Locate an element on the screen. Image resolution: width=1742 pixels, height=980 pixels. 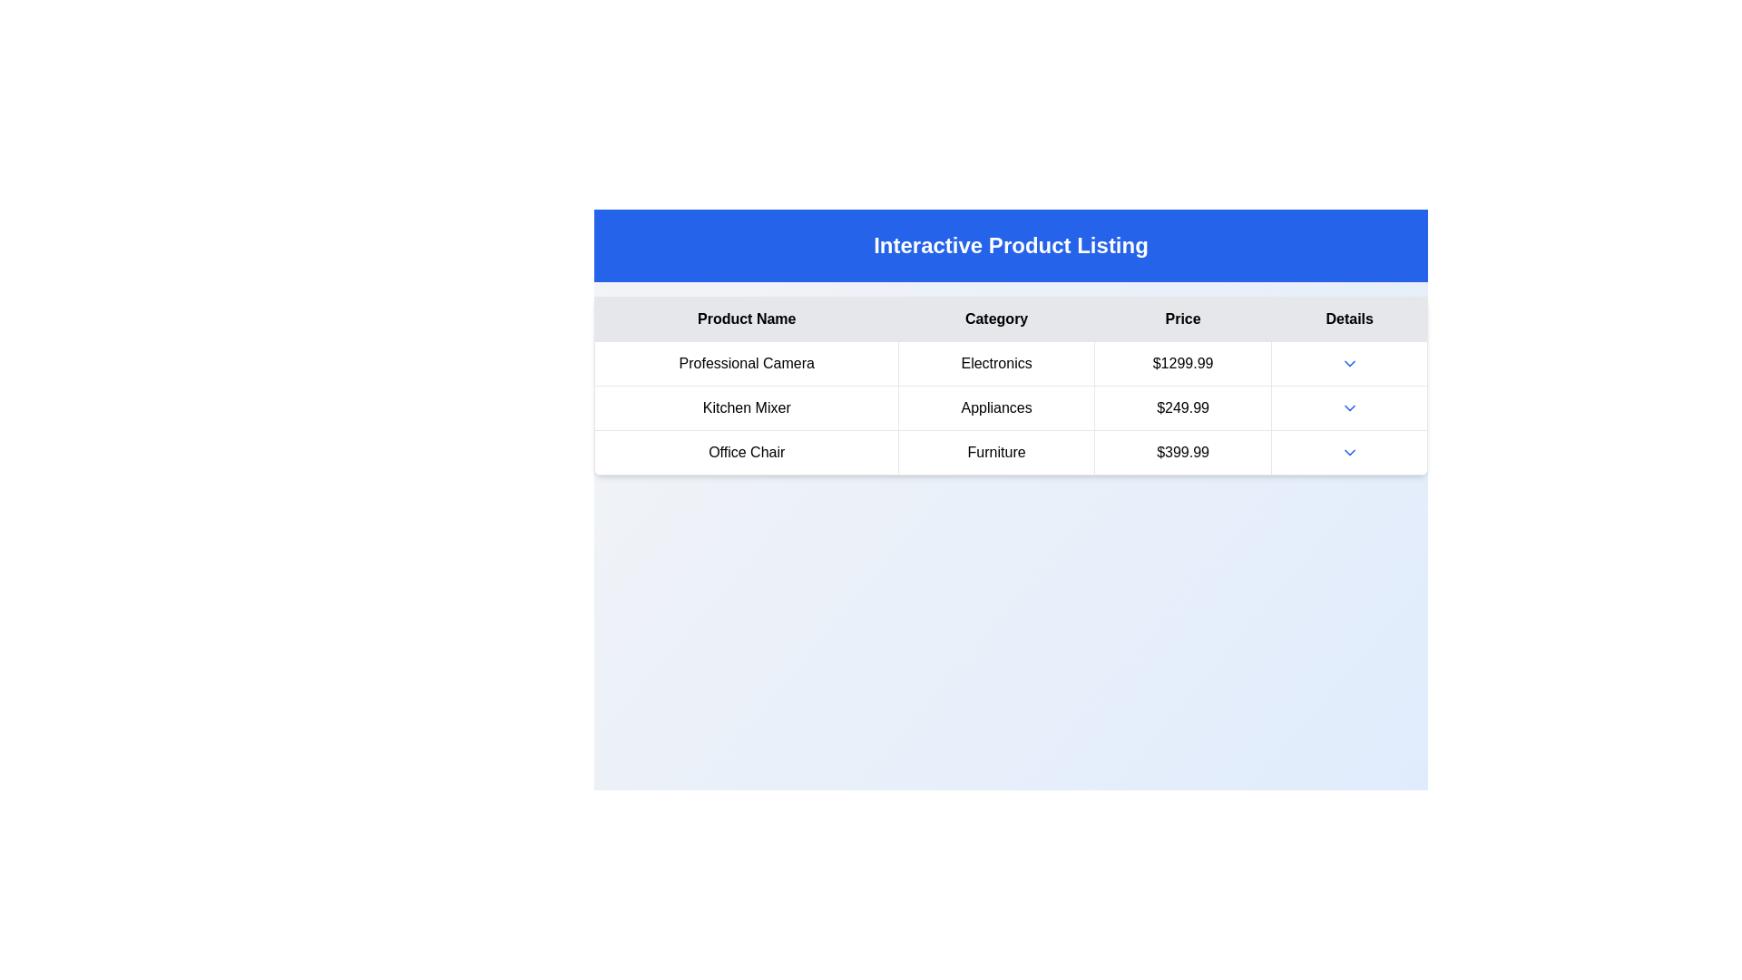
the 'Price' label, which is the third column header in a row of four within a tabular header is located at coordinates (1183, 318).